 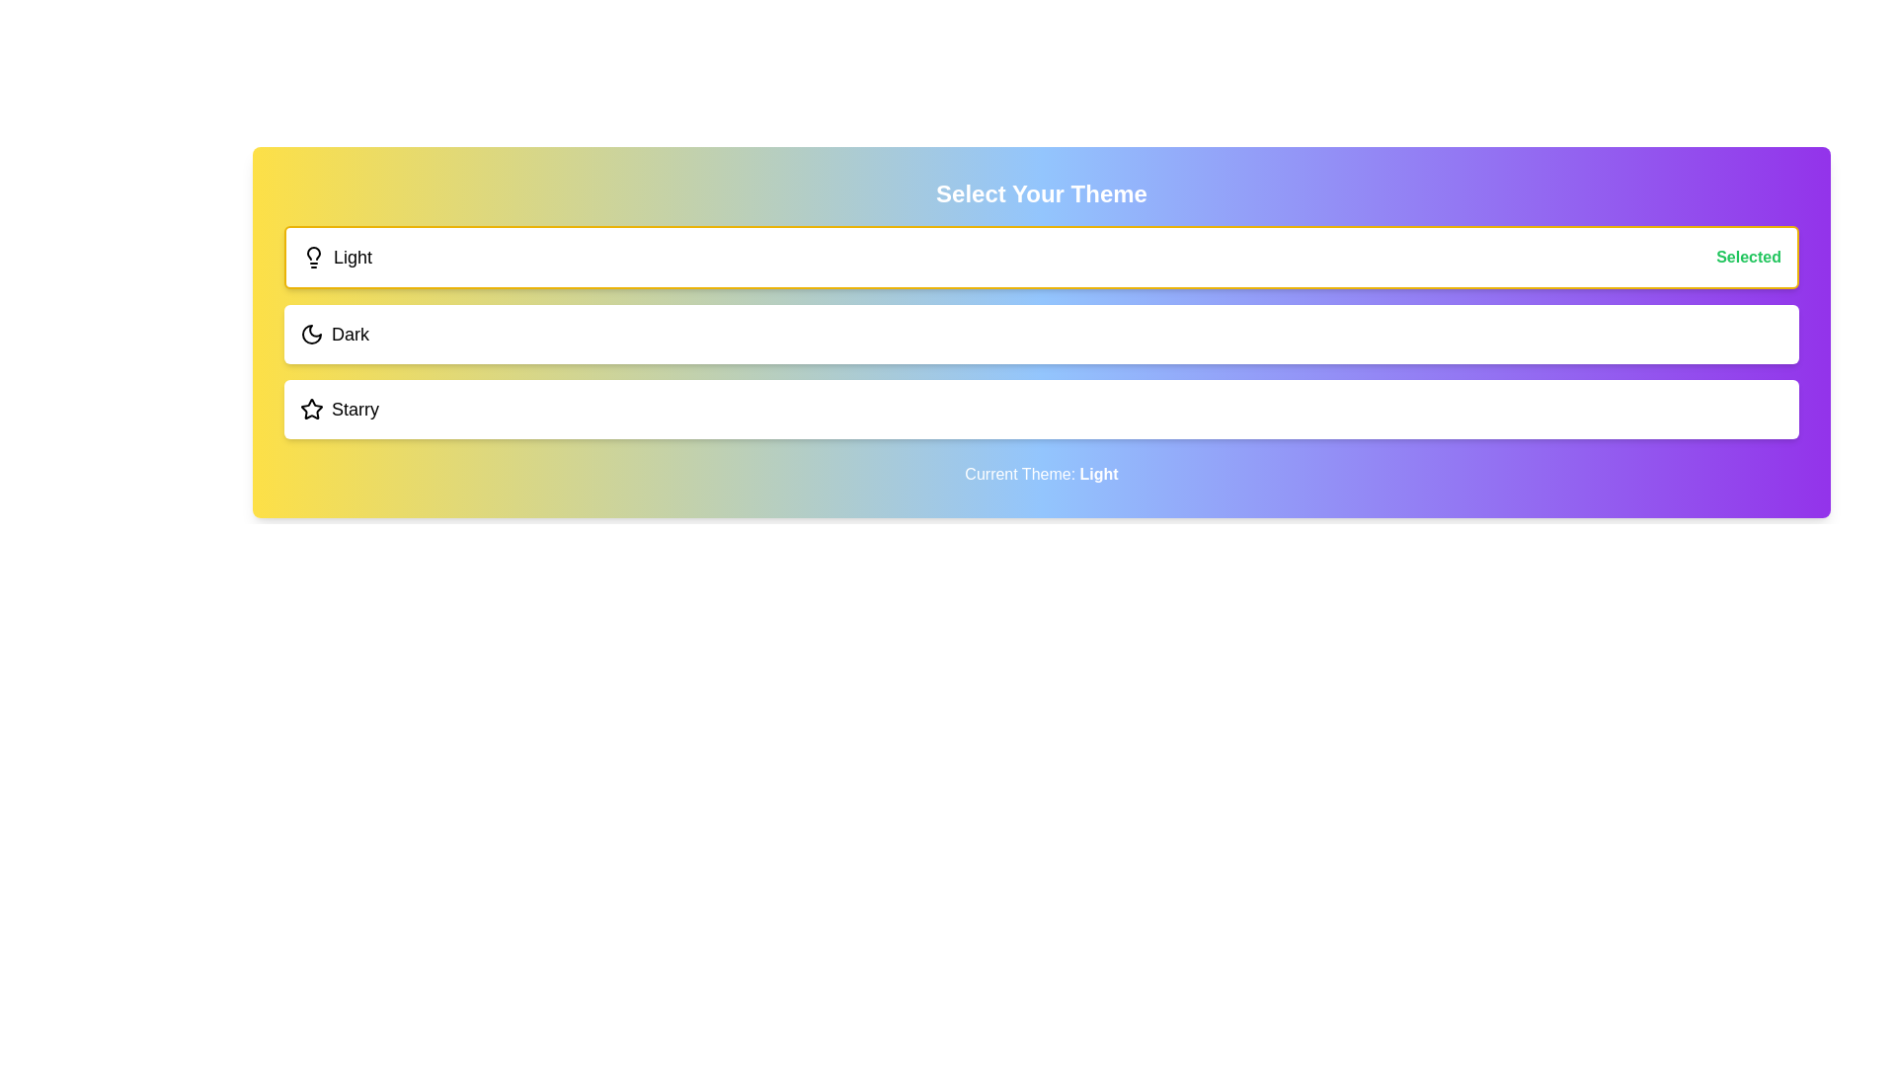 I want to click on the theme option Dark to observe the visual change, so click(x=1041, y=334).